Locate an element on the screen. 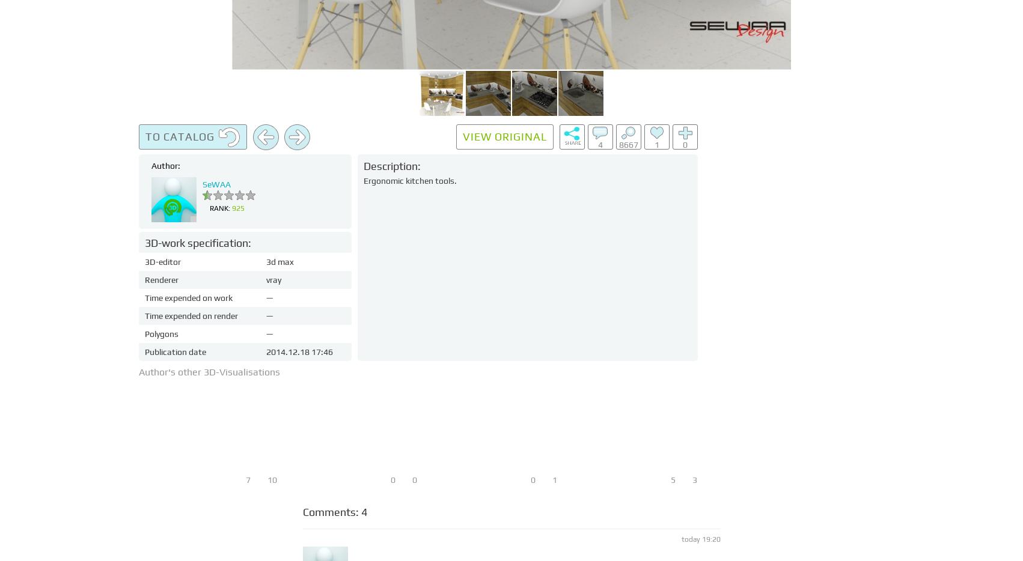 Image resolution: width=1023 pixels, height=561 pixels. 'Author:' is located at coordinates (165, 165).